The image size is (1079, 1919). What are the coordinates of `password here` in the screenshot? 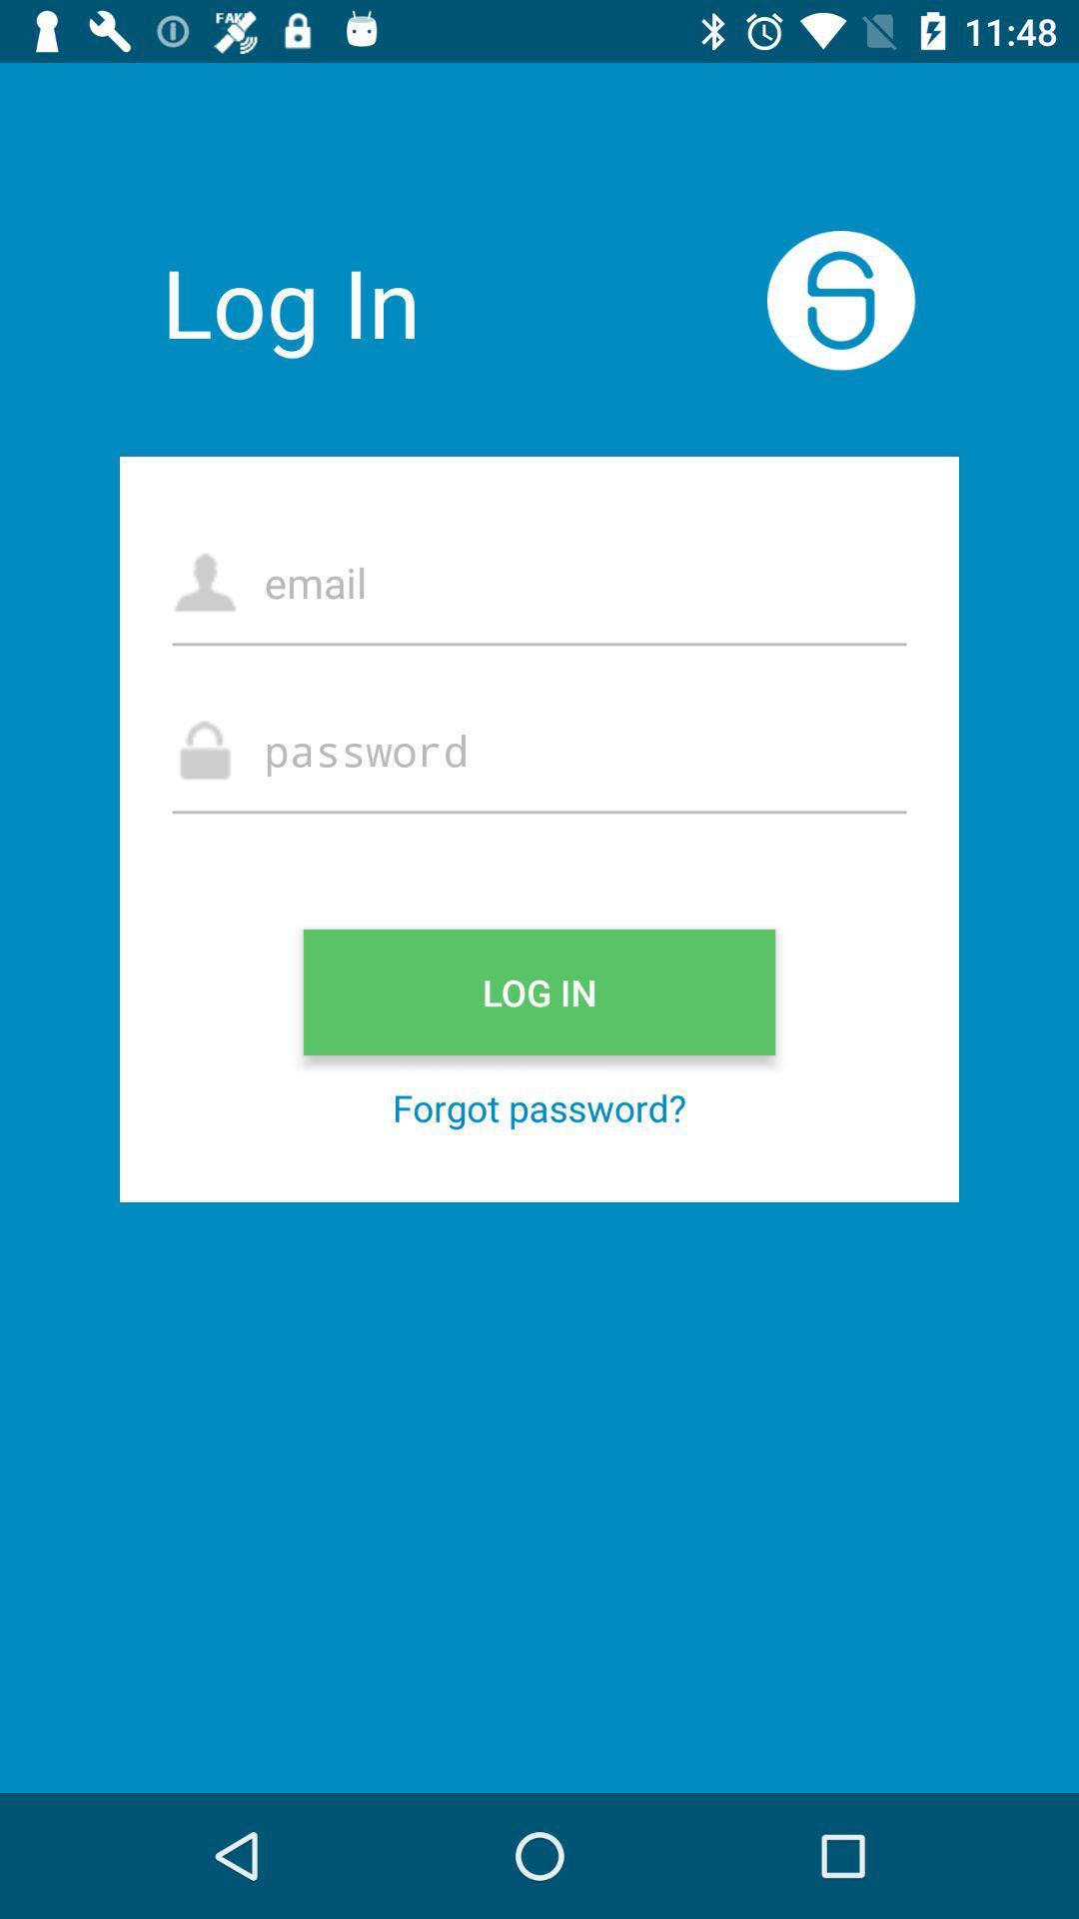 It's located at (539, 749).